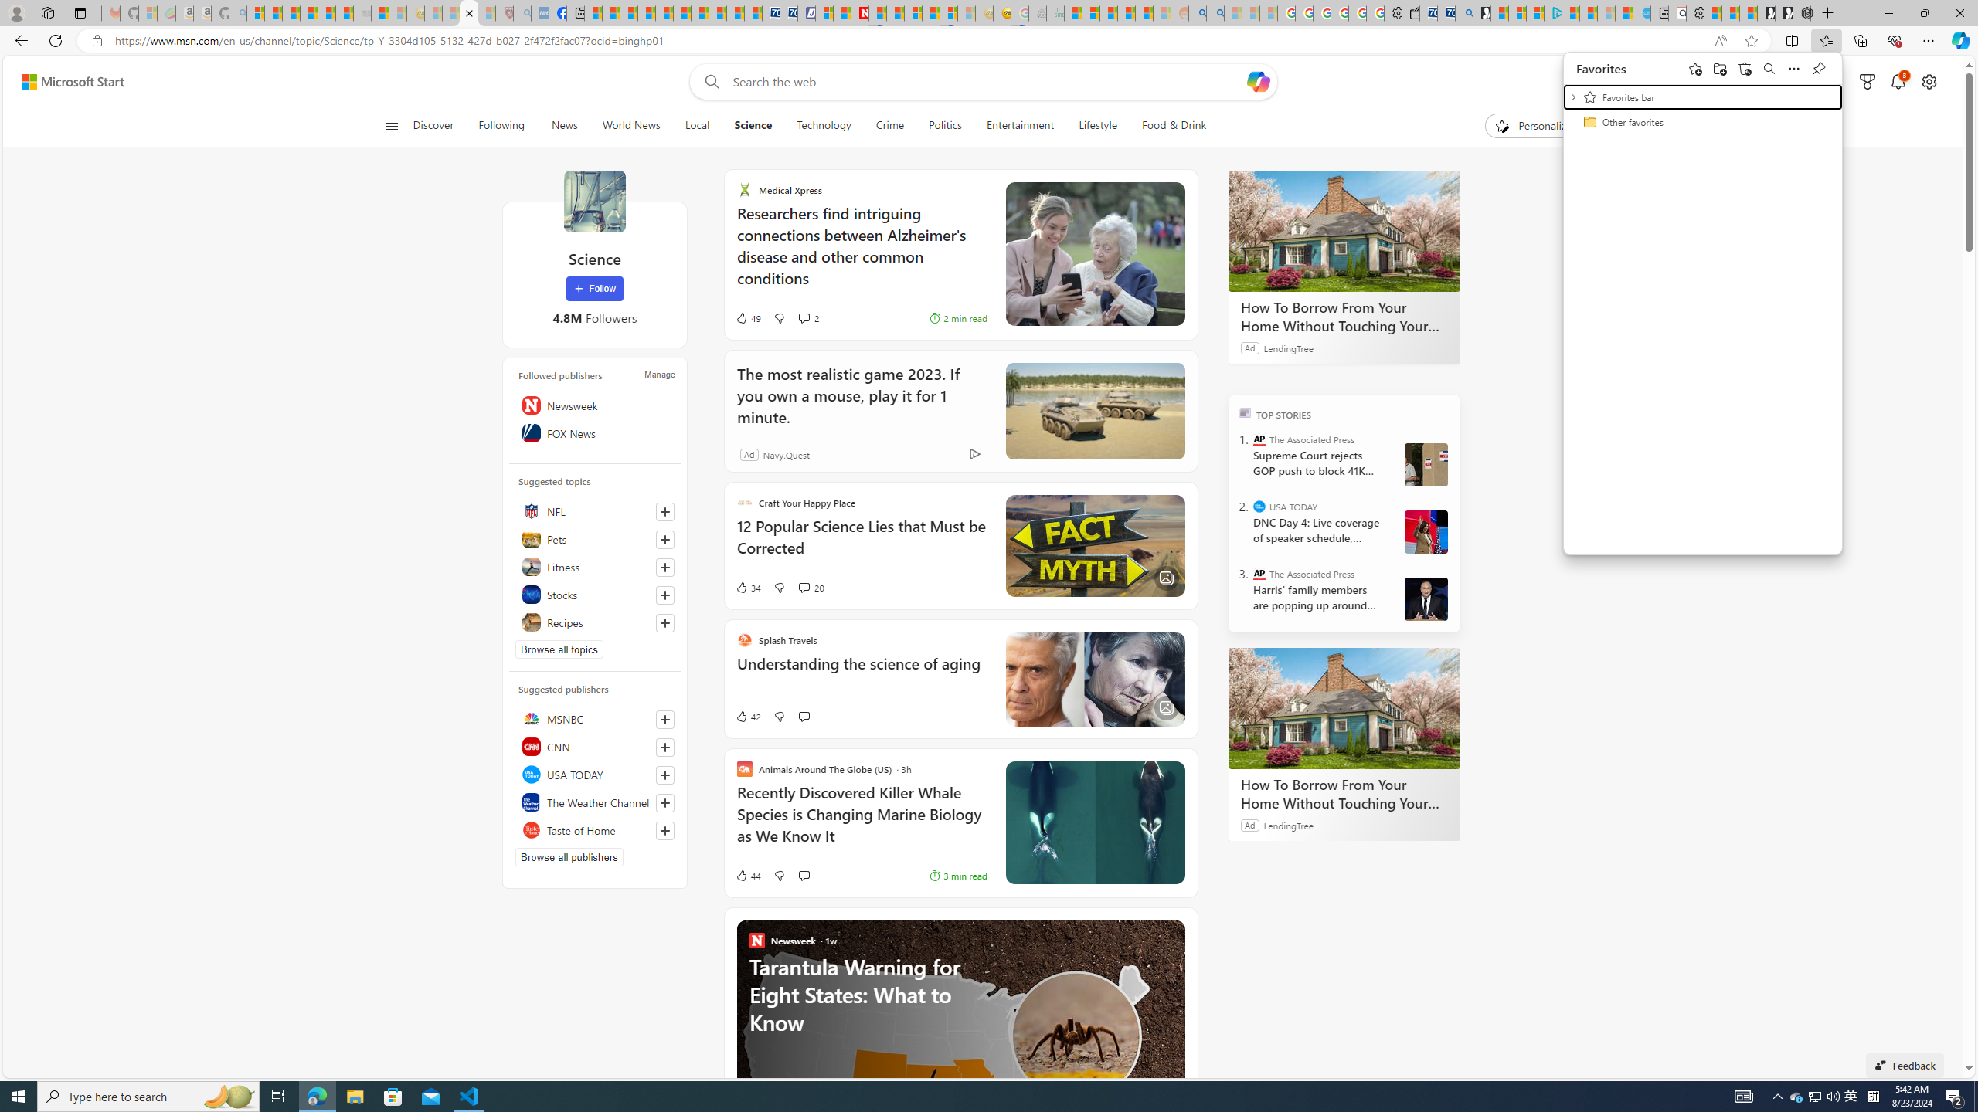 The width and height of the screenshot is (1978, 1112). Describe the element at coordinates (1410, 12) in the screenshot. I see `'Wallet'` at that location.